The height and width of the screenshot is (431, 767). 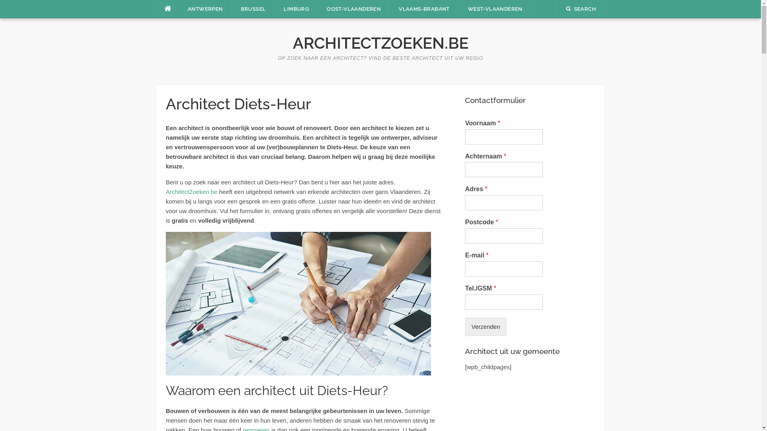 I want to click on 'ANTWERPEN', so click(x=205, y=9).